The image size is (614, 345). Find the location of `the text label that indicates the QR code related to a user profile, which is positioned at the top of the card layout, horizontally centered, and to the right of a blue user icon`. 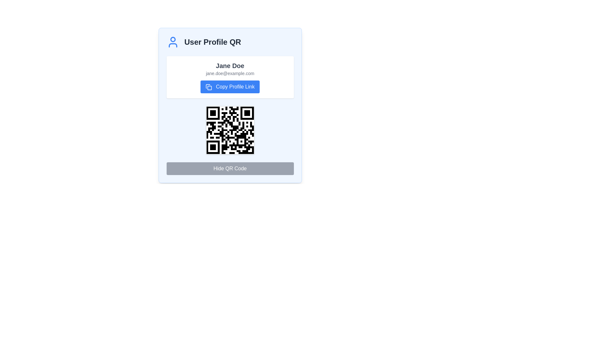

the text label that indicates the QR code related to a user profile, which is positioned at the top of the card layout, horizontally centered, and to the right of a blue user icon is located at coordinates (213, 42).